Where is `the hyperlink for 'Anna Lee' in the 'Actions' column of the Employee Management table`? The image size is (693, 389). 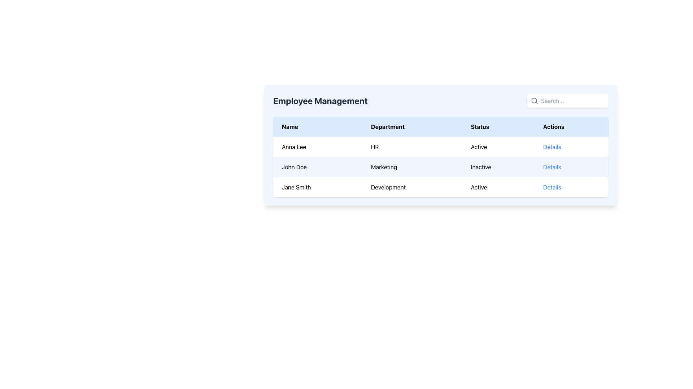
the hyperlink for 'Anna Lee' in the 'Actions' column of the Employee Management table is located at coordinates (571, 147).